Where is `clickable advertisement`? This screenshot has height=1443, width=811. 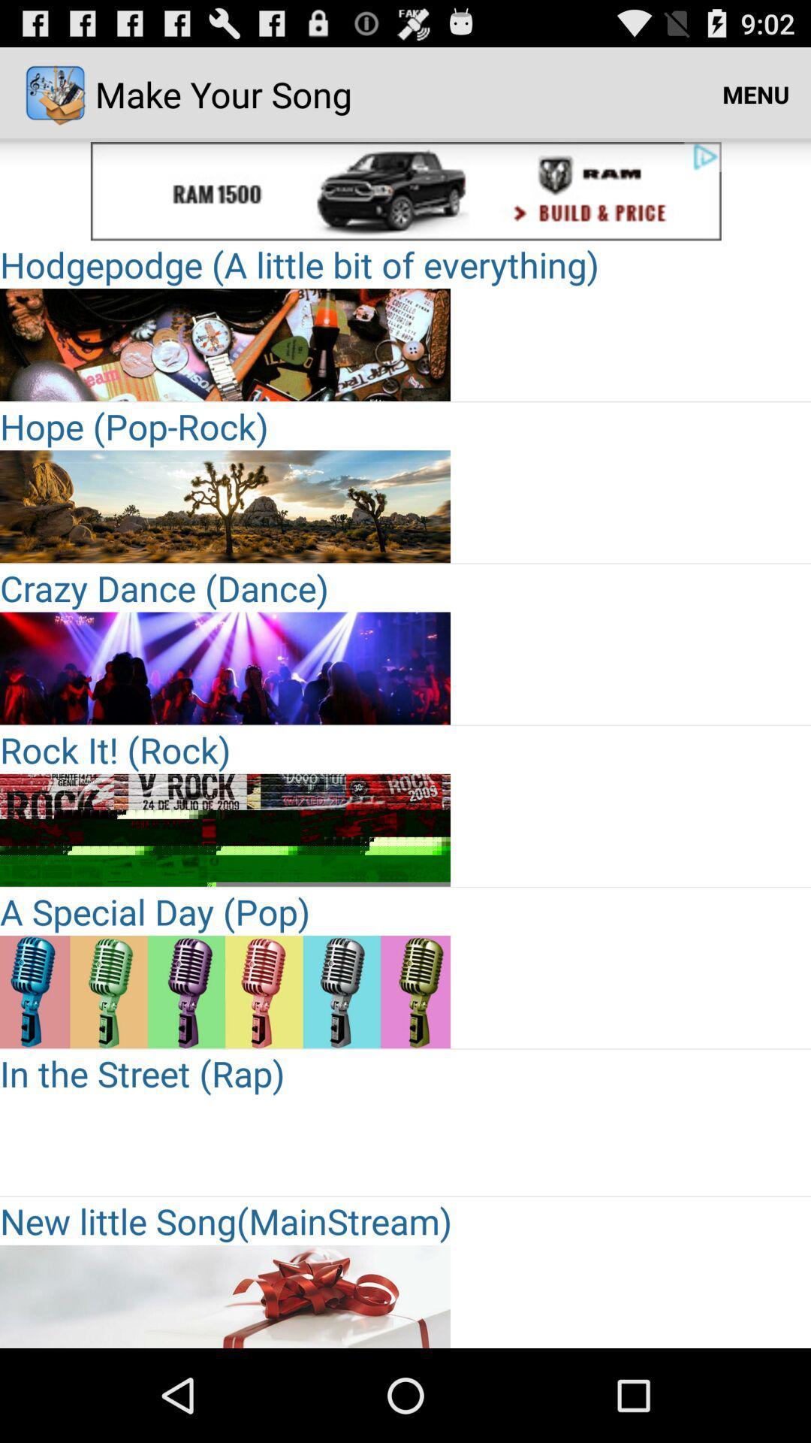 clickable advertisement is located at coordinates (225, 190).